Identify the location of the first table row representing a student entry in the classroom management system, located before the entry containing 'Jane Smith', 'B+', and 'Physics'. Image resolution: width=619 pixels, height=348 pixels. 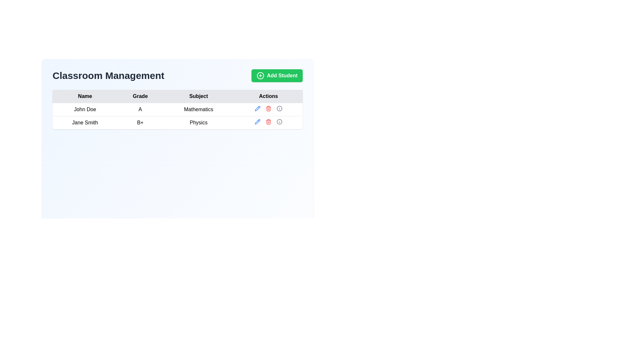
(178, 109).